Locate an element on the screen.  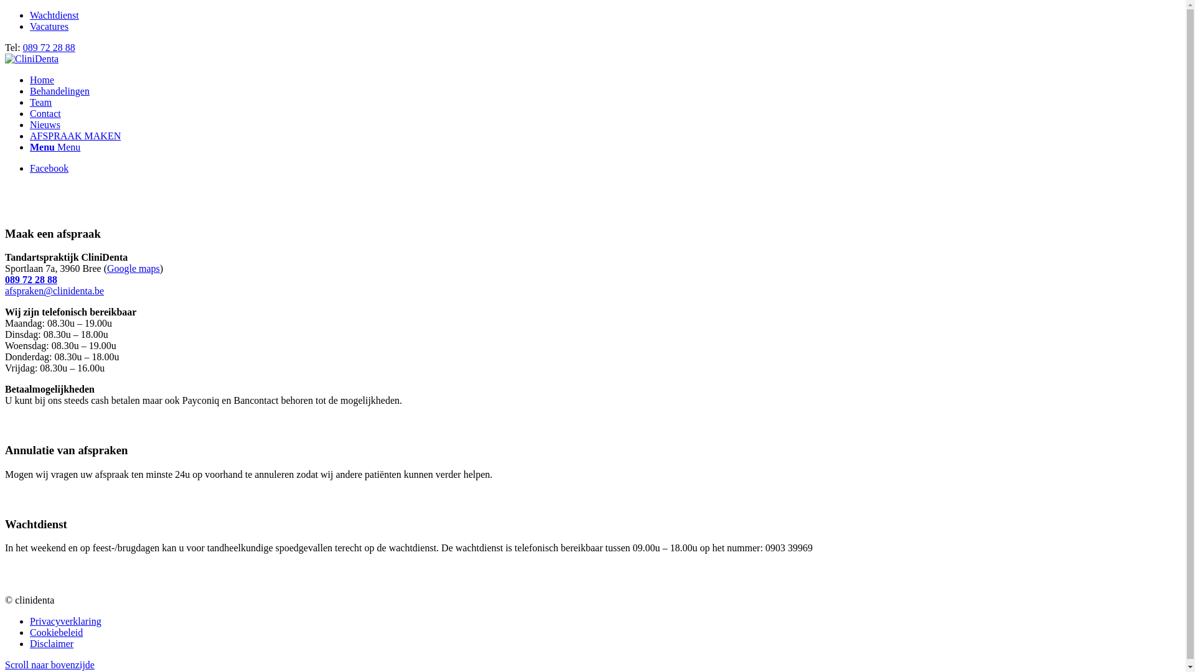
'Scroll naar bovenzijde' is located at coordinates (5, 664).